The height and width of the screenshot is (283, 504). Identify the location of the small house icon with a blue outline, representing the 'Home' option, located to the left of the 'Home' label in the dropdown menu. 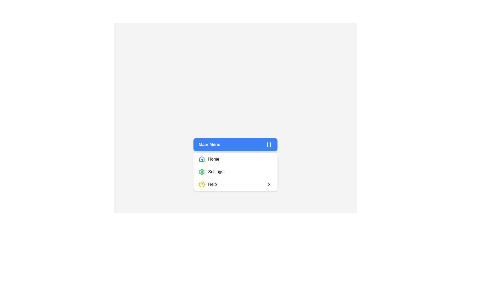
(201, 159).